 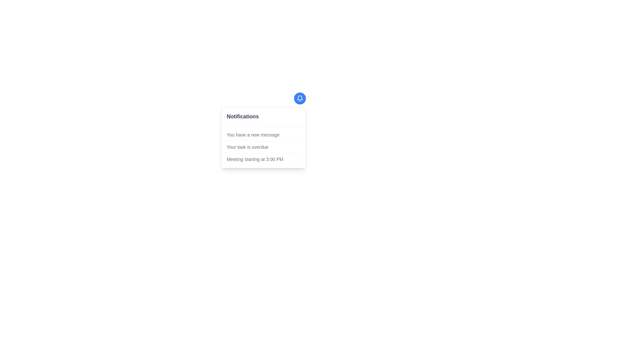 I want to click on bold text label 'Notifications' displayed in dark gray at the top of the notification dropdown panel, so click(x=242, y=116).